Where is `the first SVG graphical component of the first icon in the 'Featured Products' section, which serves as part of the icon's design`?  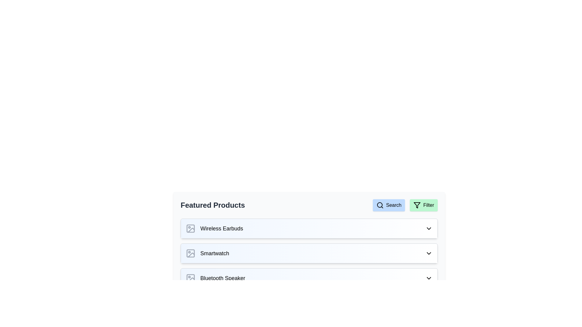 the first SVG graphical component of the first icon in the 'Featured Products' section, which serves as part of the icon's design is located at coordinates (190, 229).